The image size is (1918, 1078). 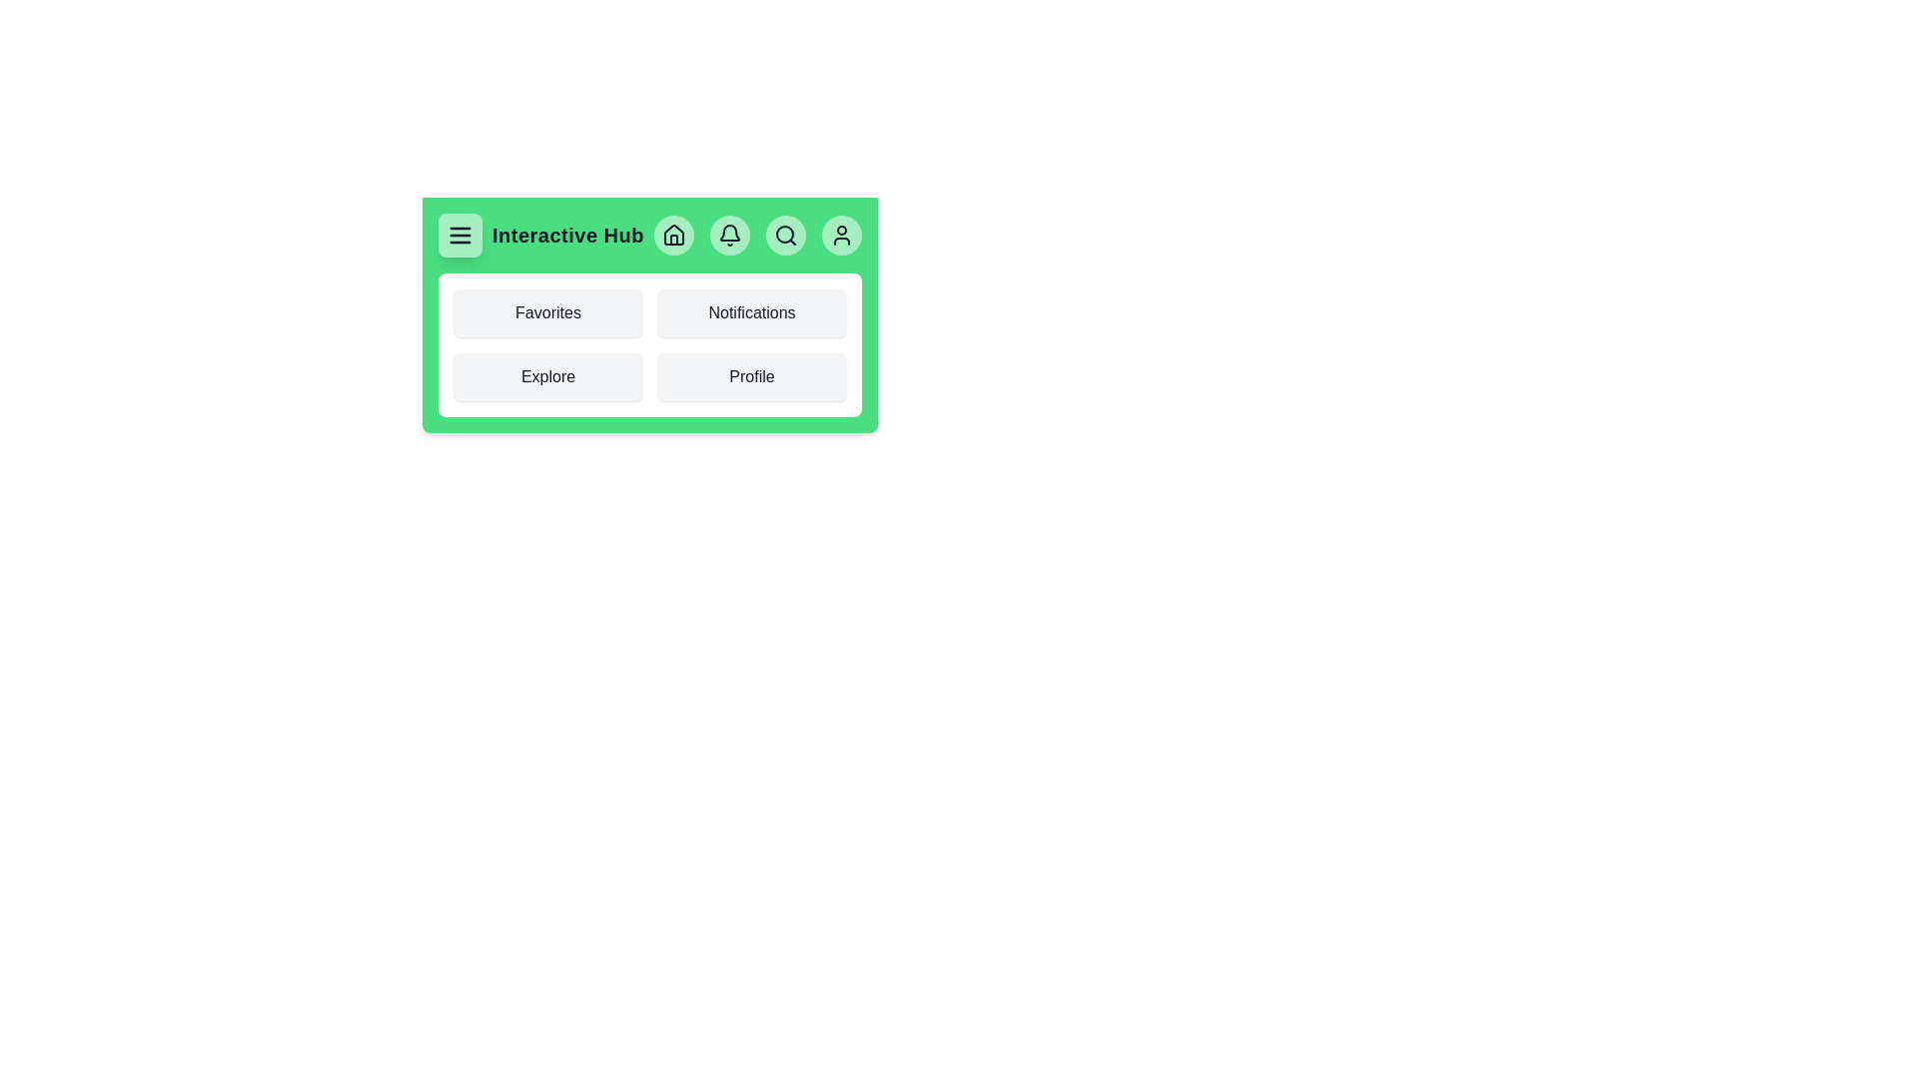 What do you see at coordinates (784, 234) in the screenshot?
I see `the interactive element Search Button` at bounding box center [784, 234].